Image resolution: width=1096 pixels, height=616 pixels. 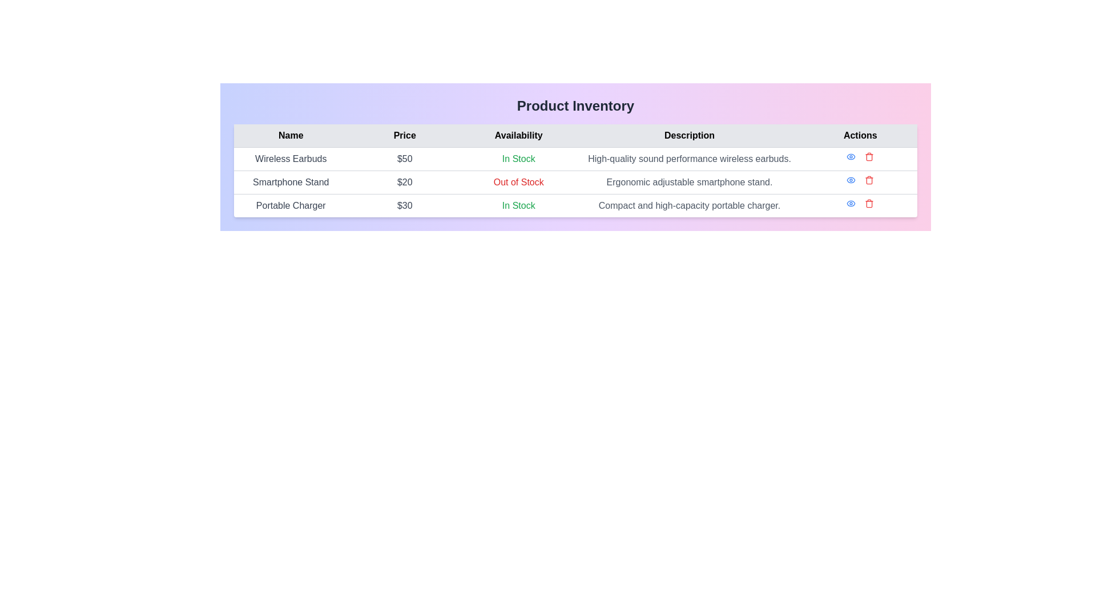 I want to click on the 'In Stock' text label located in the 'Availability' column of the last row for the 'Portable Charger' item, so click(x=518, y=205).